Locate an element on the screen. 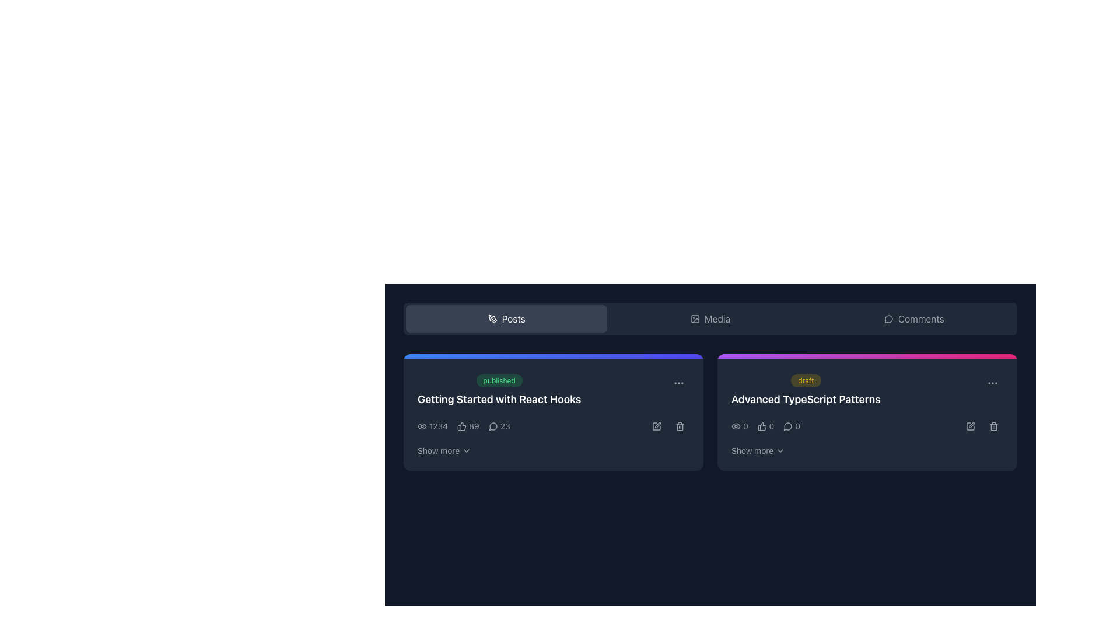  the rounded rectangle badge with a green background and lighter green text reading 'published', located above the title 'Getting Started with React Hooks' is located at coordinates (499, 380).